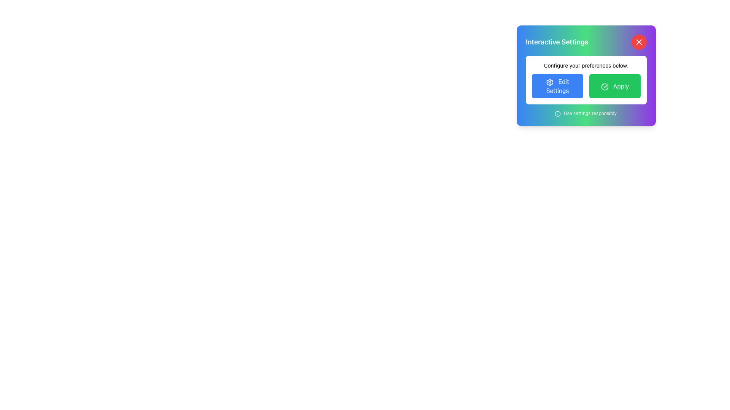 The image size is (730, 410). Describe the element at coordinates (558, 114) in the screenshot. I see `the SVG Circle Component located at the bottom-left corner of the settings interface, adjacent to descriptive text` at that location.